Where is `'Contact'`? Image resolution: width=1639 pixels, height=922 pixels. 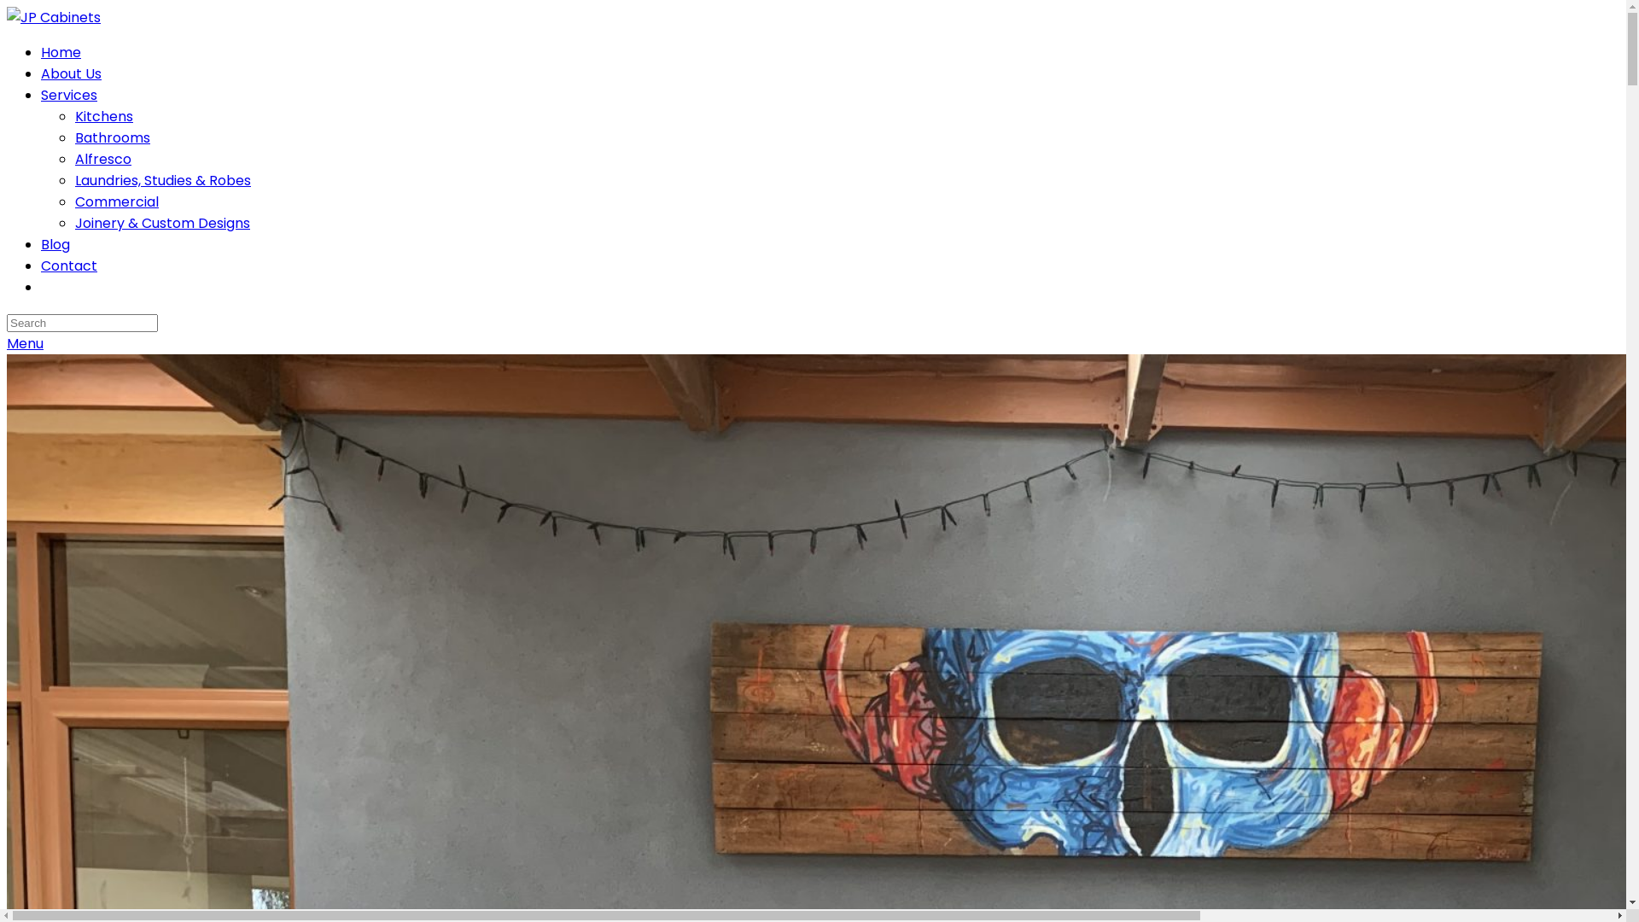 'Contact' is located at coordinates (41, 266).